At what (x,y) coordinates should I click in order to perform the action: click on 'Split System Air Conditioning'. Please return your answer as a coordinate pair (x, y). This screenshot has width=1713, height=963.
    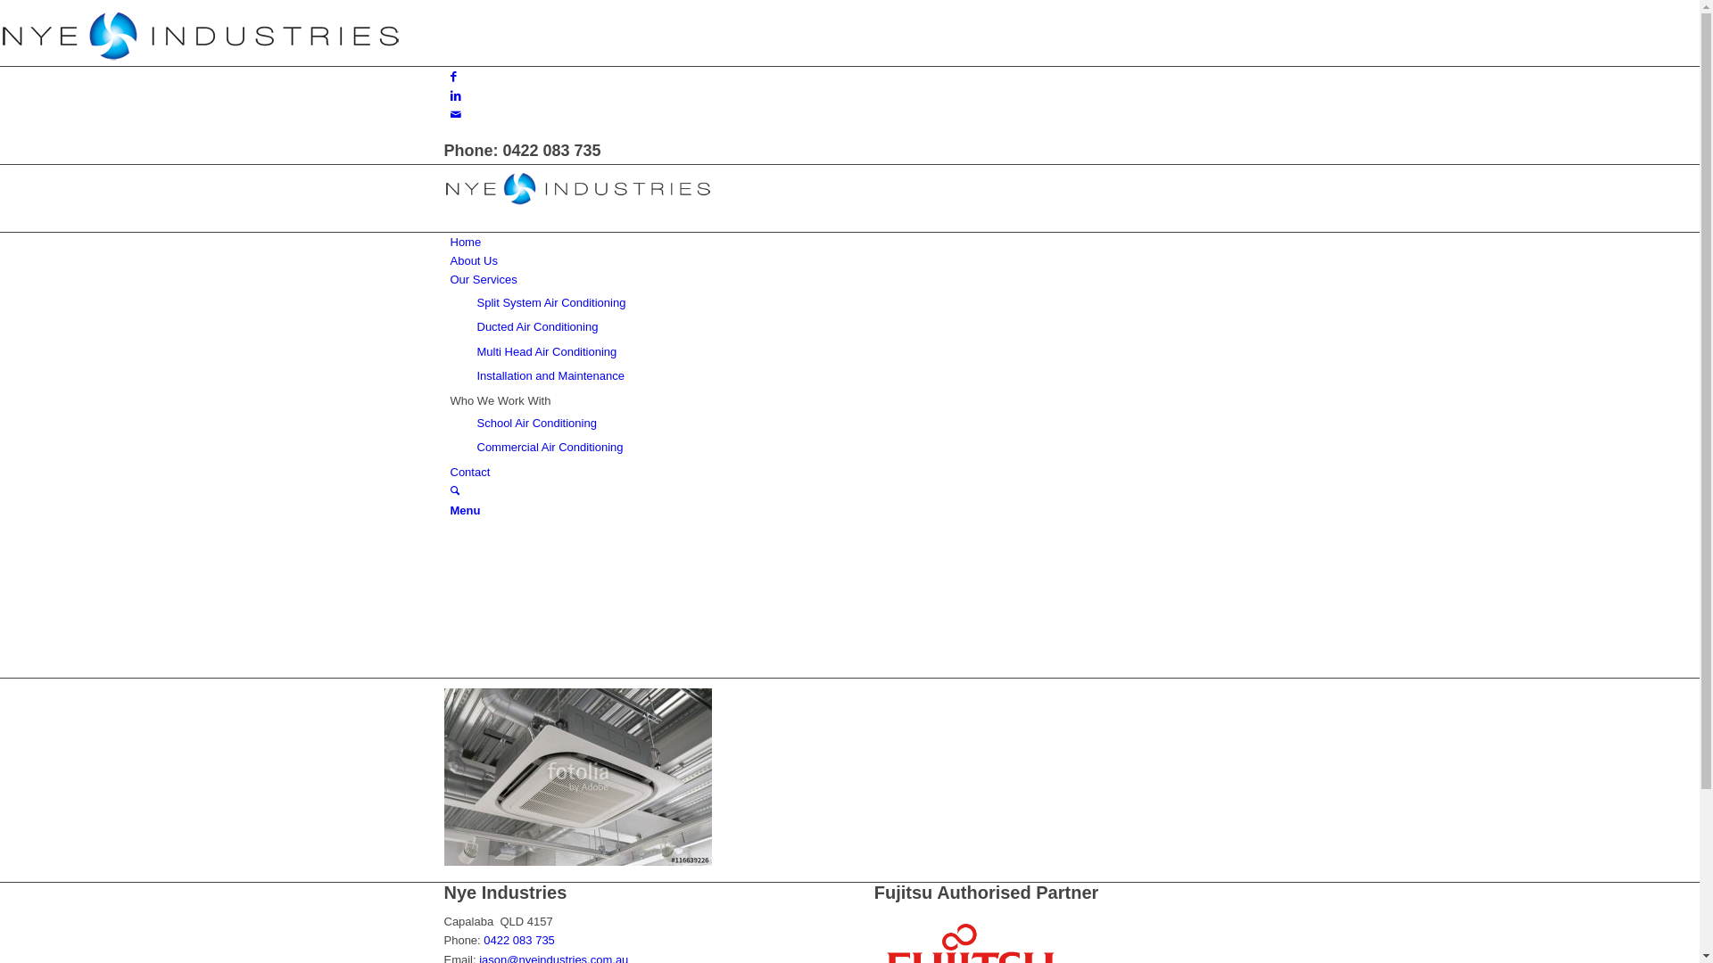
    Looking at the image, I should click on (550, 301).